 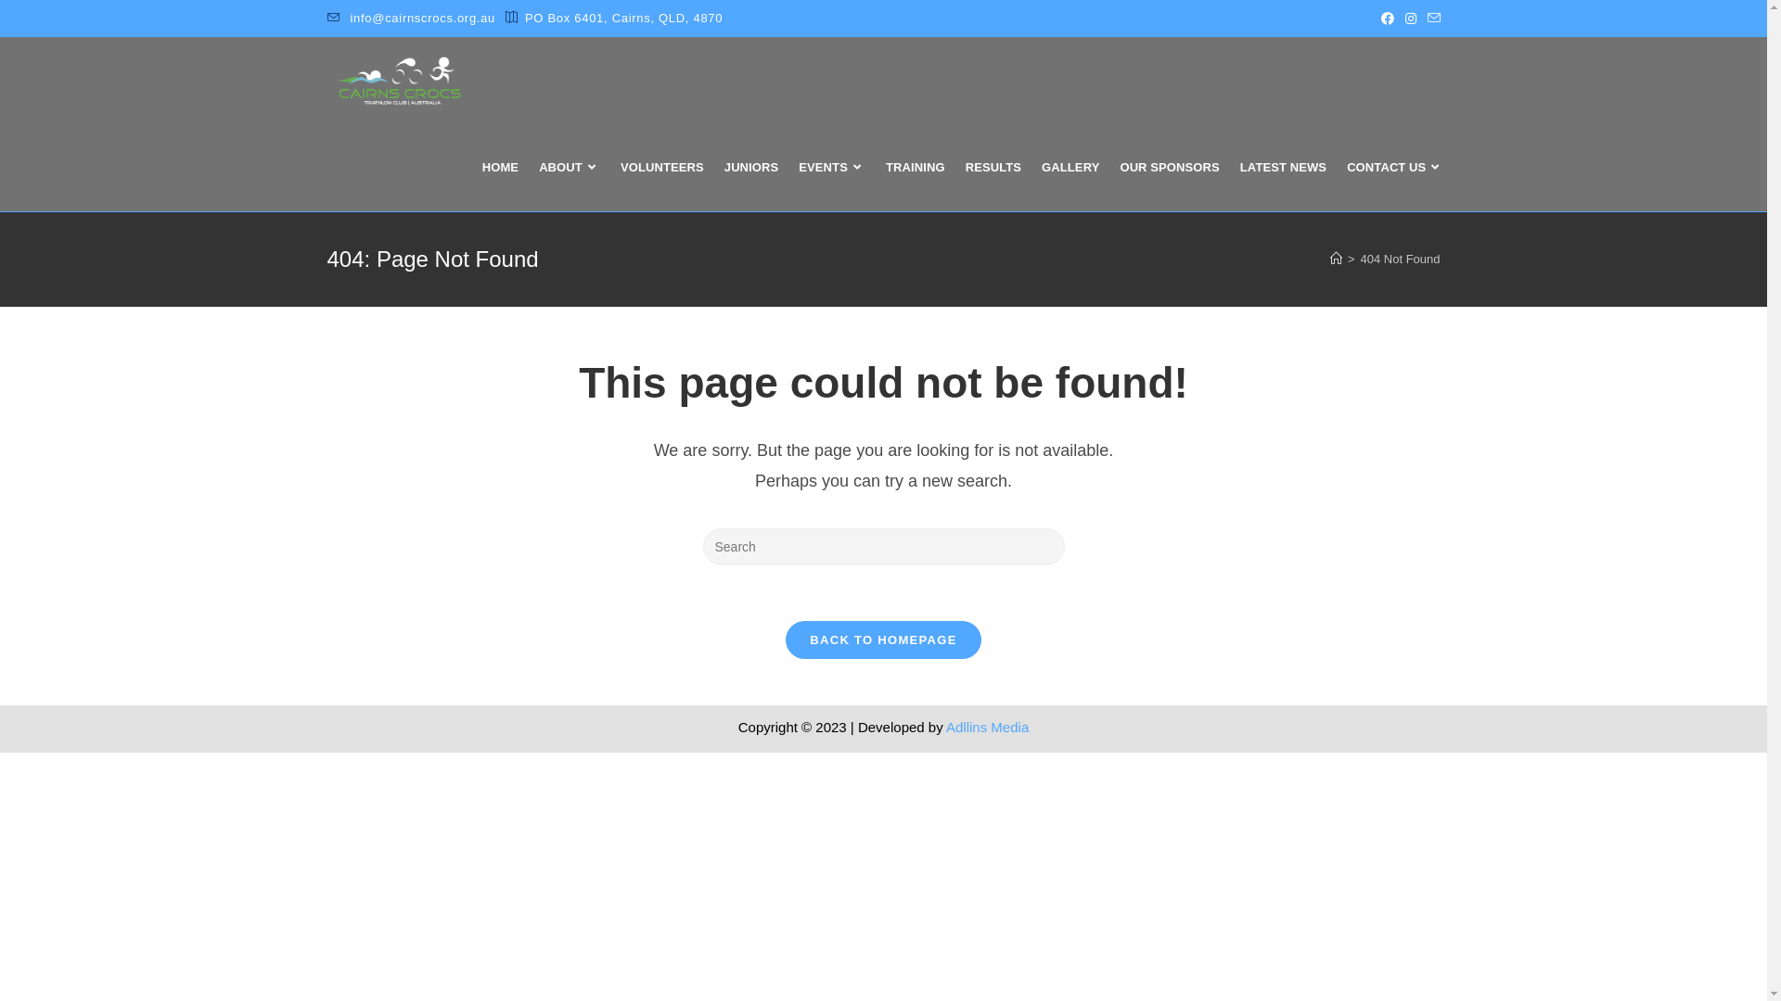 I want to click on 'OUR SPONSORS', so click(x=1168, y=168).